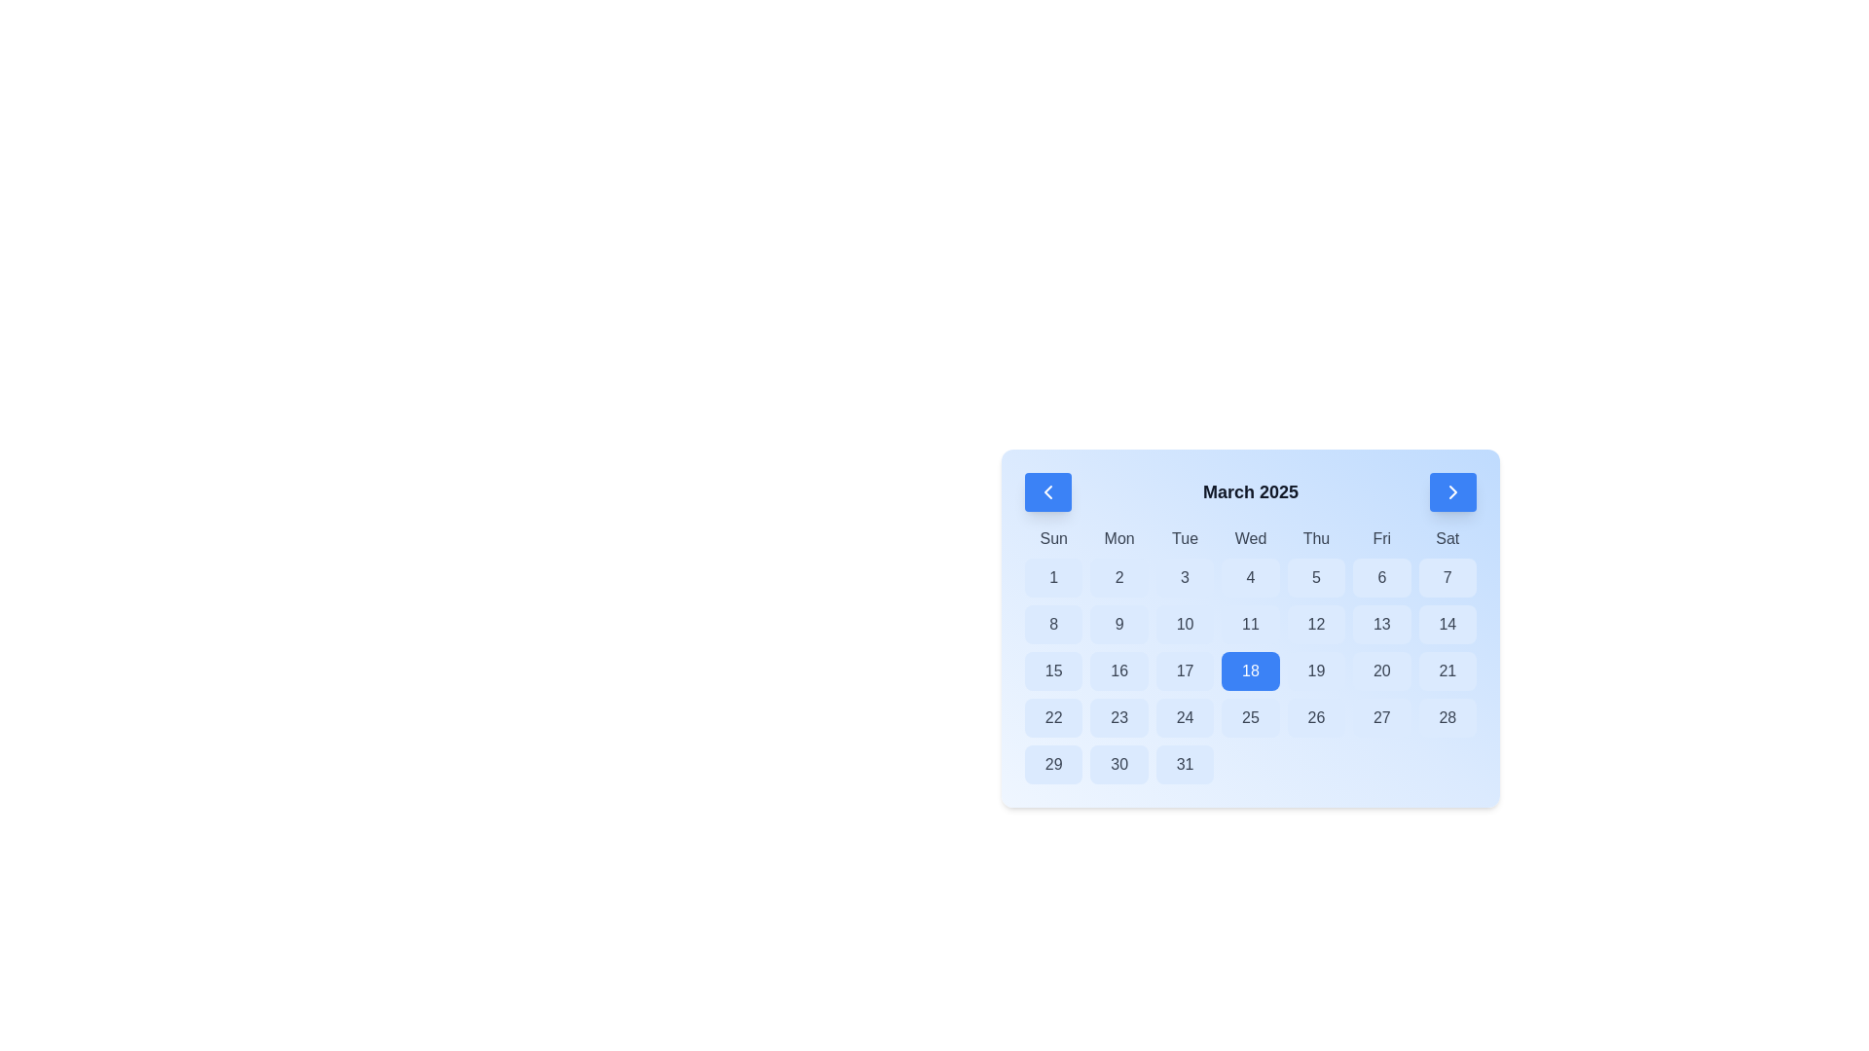 The height and width of the screenshot is (1051, 1869). Describe the element at coordinates (1119, 670) in the screenshot. I see `the rounded light blue button labeled '16' in the fourth row and second column of the March 2025 calendar grid` at that location.